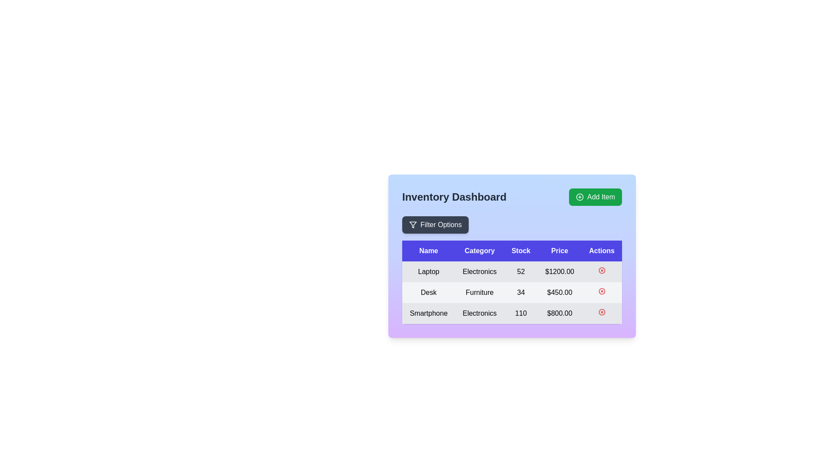 This screenshot has height=469, width=834. What do you see at coordinates (479, 271) in the screenshot?
I see `the Static Label in the second column ('Category') of the first row of the table` at bounding box center [479, 271].